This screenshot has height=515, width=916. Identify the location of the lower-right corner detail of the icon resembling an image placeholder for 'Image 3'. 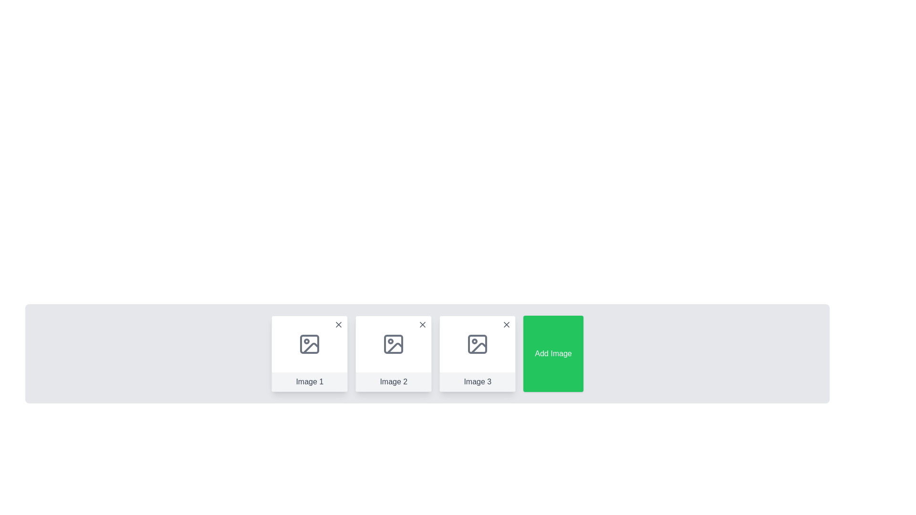
(479, 348).